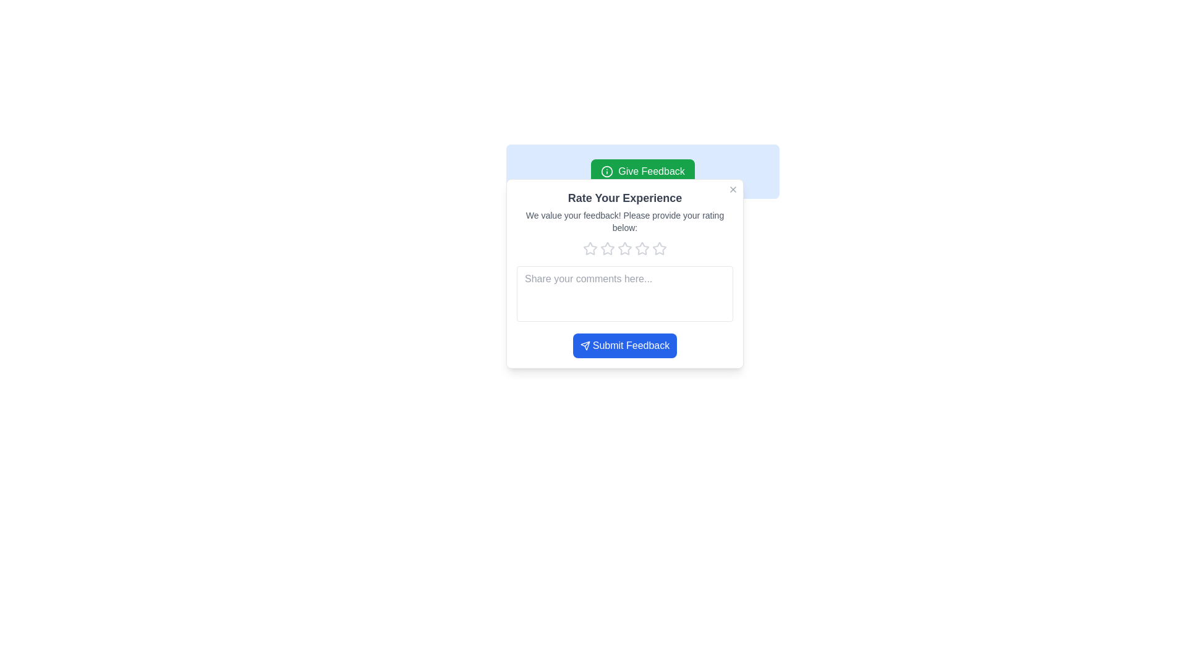 Image resolution: width=1187 pixels, height=667 pixels. What do you see at coordinates (643, 171) in the screenshot?
I see `the centrally located feedback button above the 'Rate Your Experience' section to initiate the feedback submission process` at bounding box center [643, 171].